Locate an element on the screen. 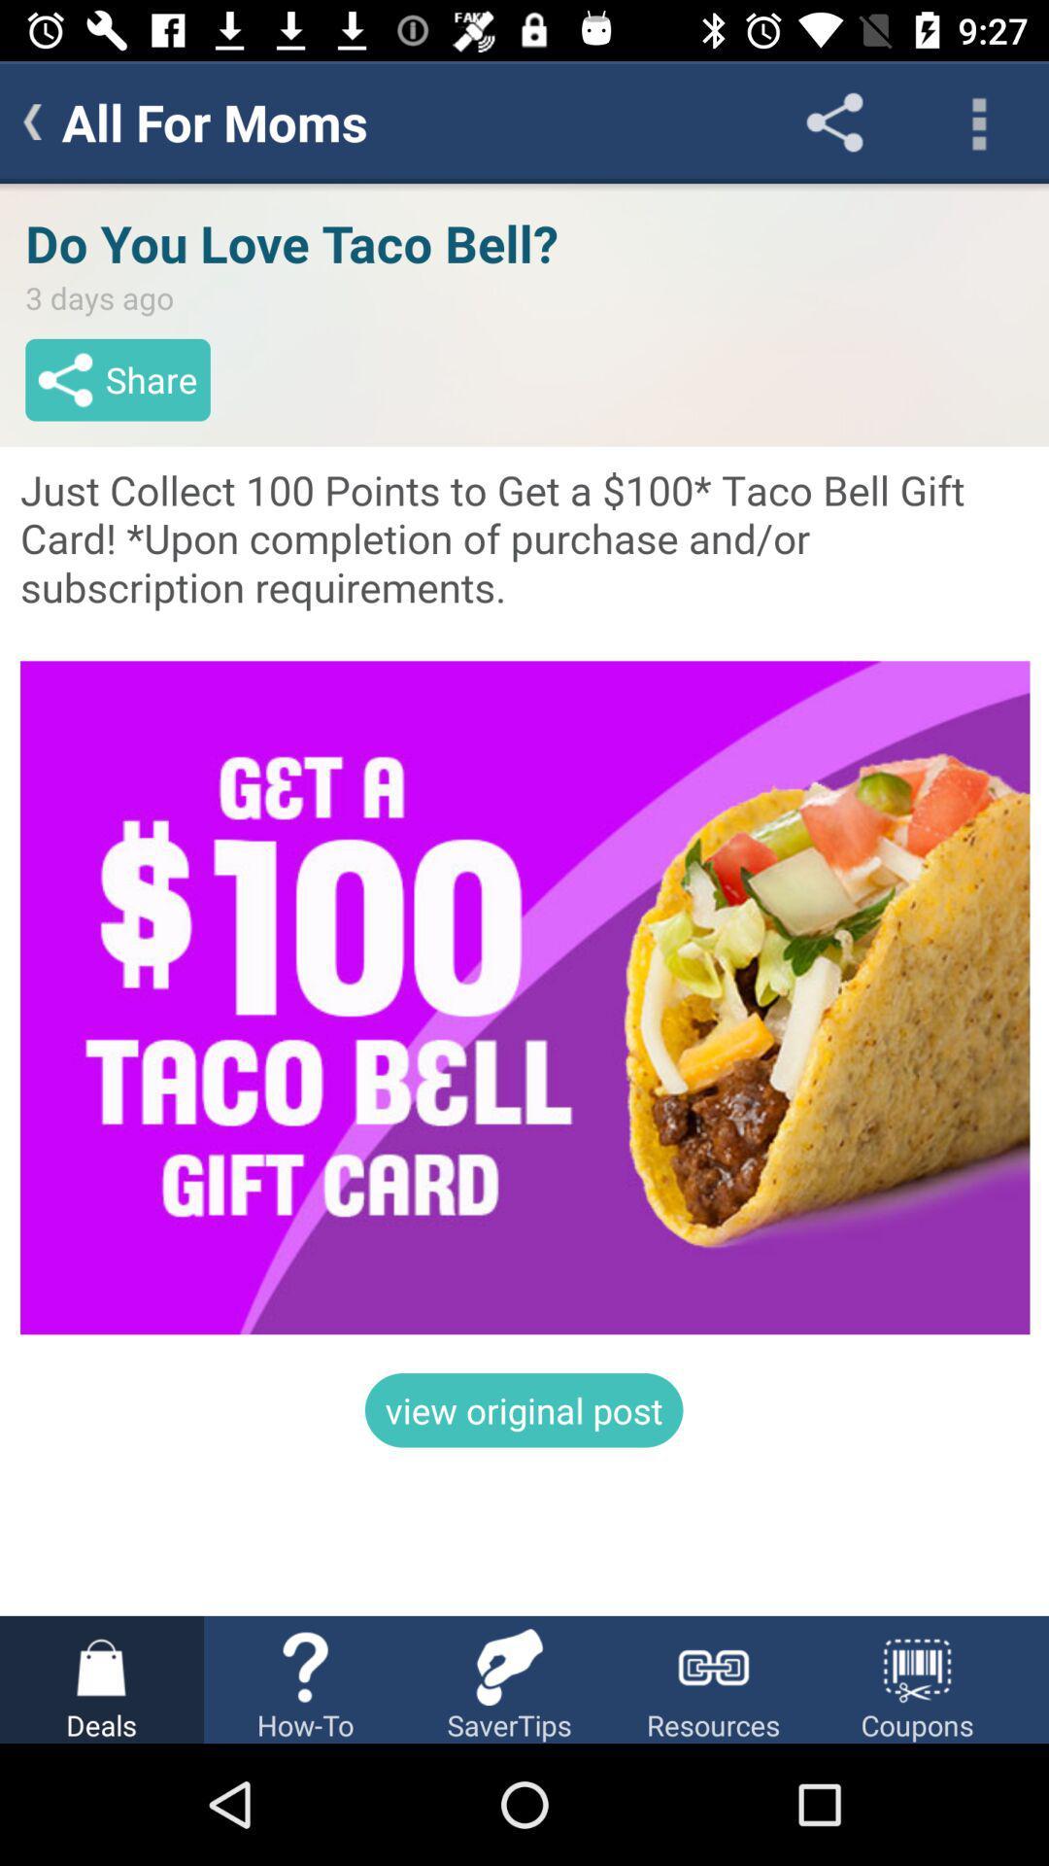 The image size is (1049, 1866). the icon left to the icon howto is located at coordinates (101, 1666).